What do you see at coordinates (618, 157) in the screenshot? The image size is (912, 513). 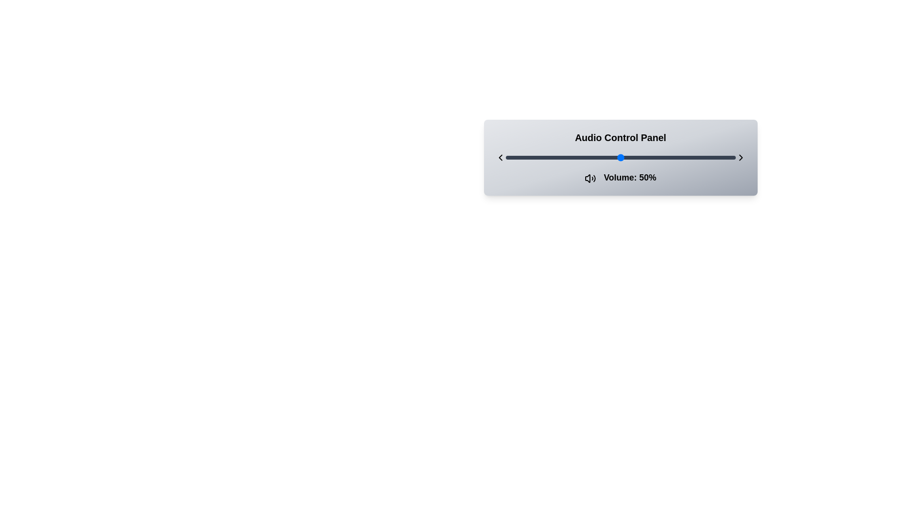 I see `the volume` at bounding box center [618, 157].